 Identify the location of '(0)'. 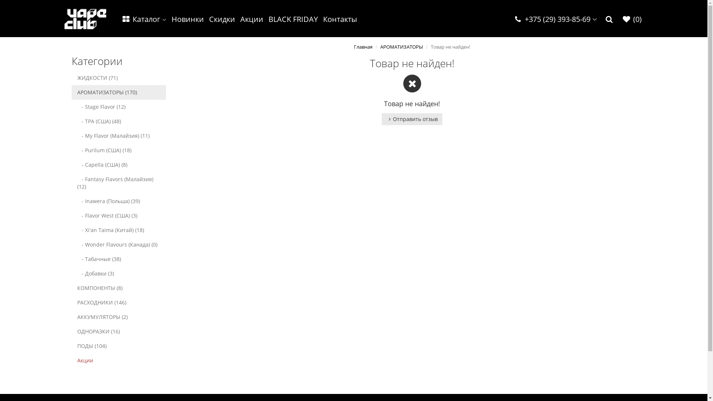
(631, 19).